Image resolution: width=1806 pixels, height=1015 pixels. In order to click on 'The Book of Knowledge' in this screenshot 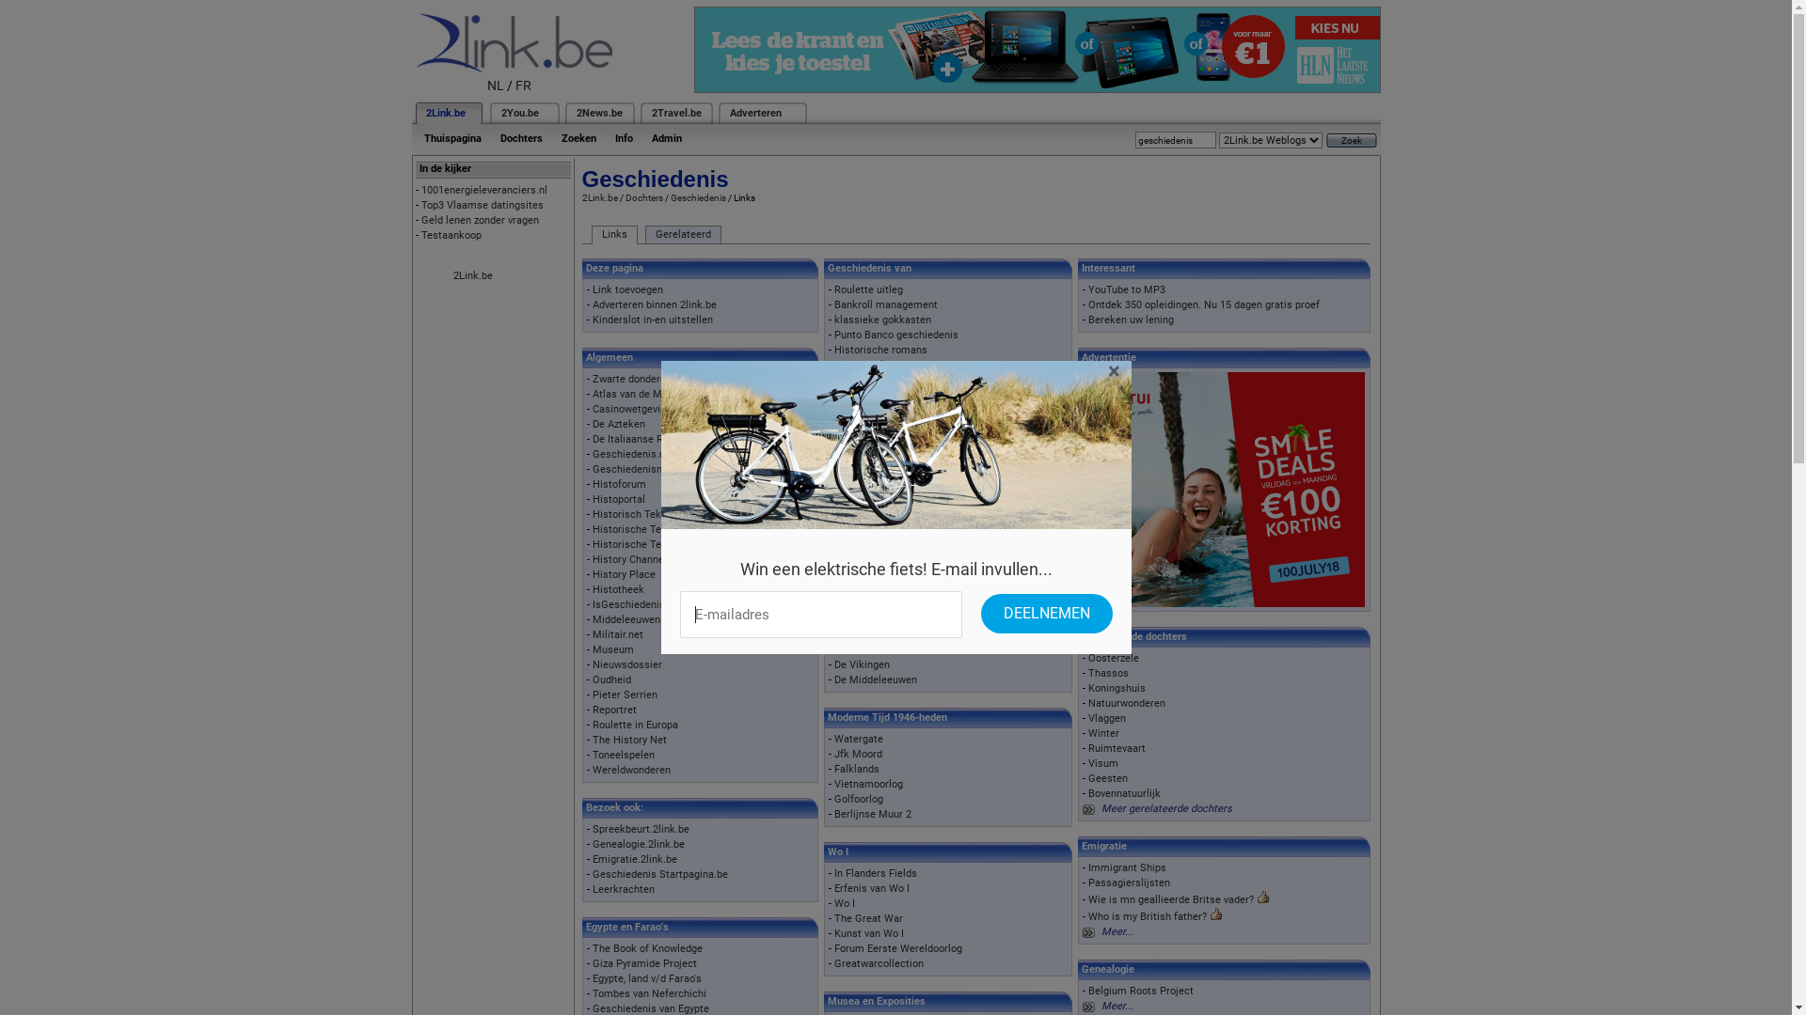, I will do `click(647, 948)`.